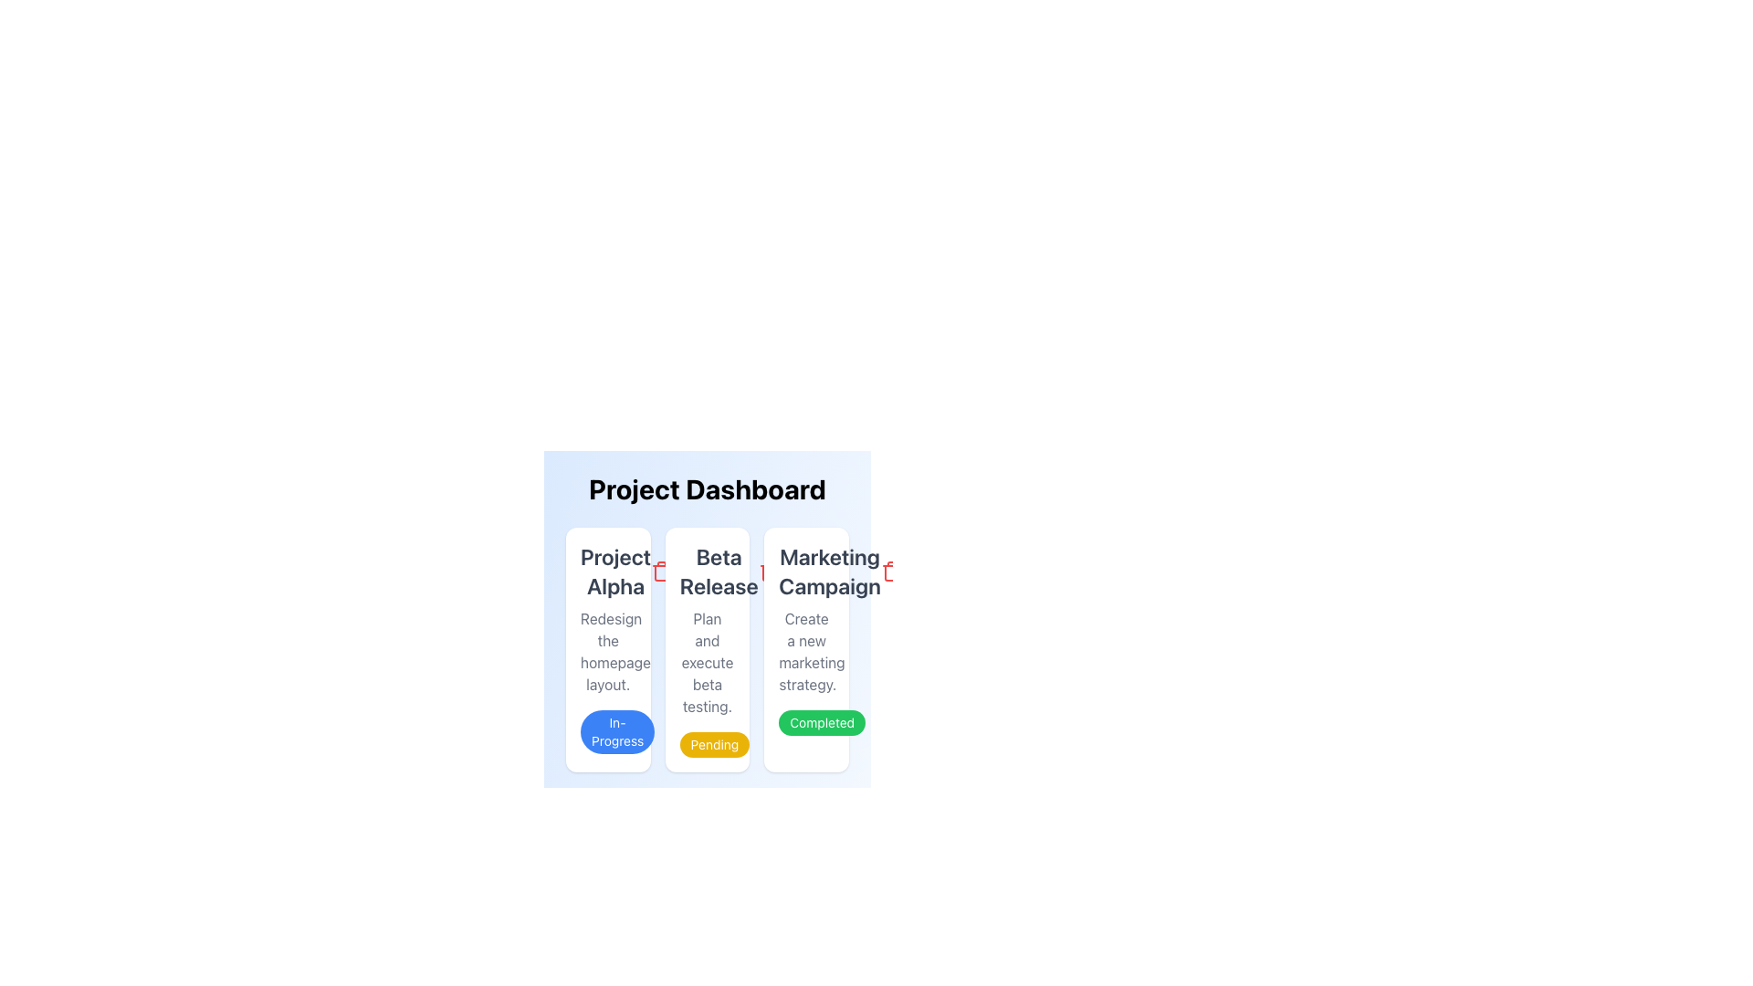  Describe the element at coordinates (891, 570) in the screenshot. I see `the delete icon/button that allows users to remove the 'Marketing Campaign' item` at that location.